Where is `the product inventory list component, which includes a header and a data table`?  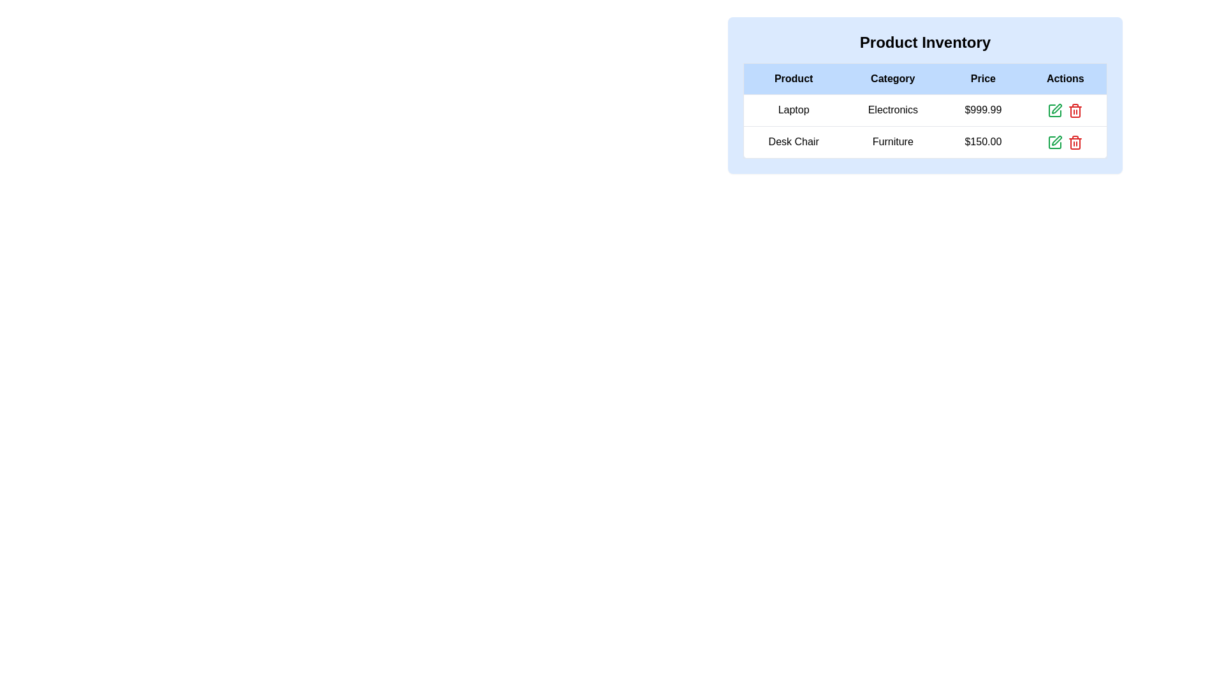
the product inventory list component, which includes a header and a data table is located at coordinates (925, 94).